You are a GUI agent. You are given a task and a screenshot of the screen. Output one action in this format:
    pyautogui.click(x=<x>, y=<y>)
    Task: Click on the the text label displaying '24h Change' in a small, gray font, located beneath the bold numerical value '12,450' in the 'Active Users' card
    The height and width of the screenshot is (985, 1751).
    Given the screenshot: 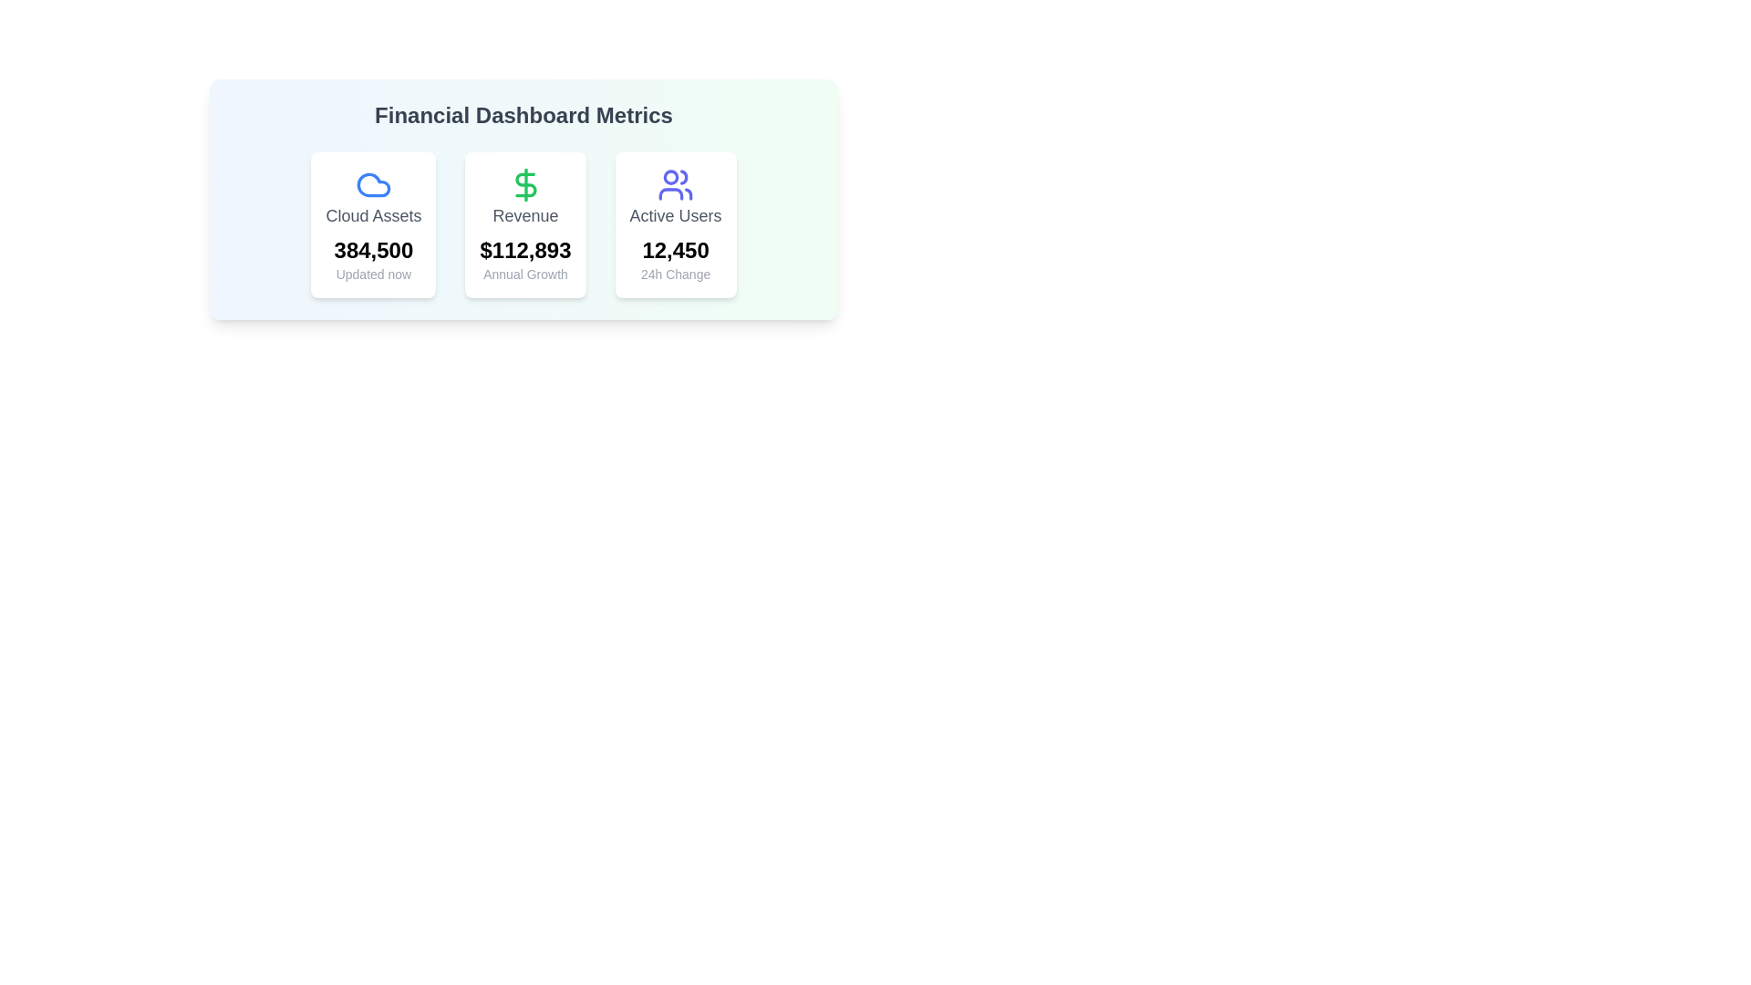 What is the action you would take?
    pyautogui.click(x=675, y=274)
    